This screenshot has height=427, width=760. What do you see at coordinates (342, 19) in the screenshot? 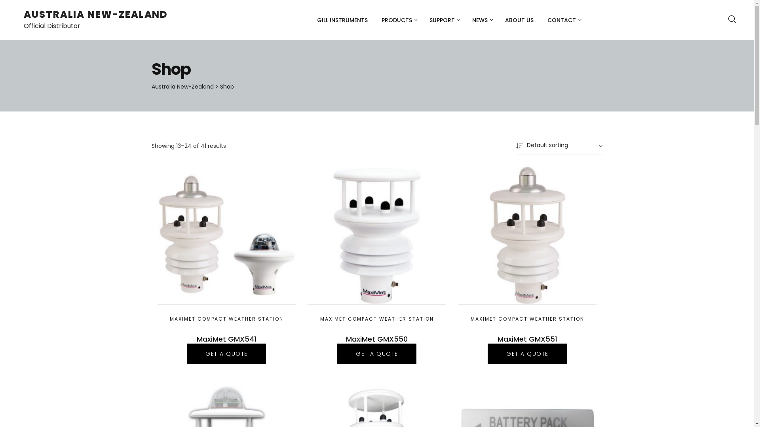
I see `'GILL INSTRUMENTS'` at bounding box center [342, 19].